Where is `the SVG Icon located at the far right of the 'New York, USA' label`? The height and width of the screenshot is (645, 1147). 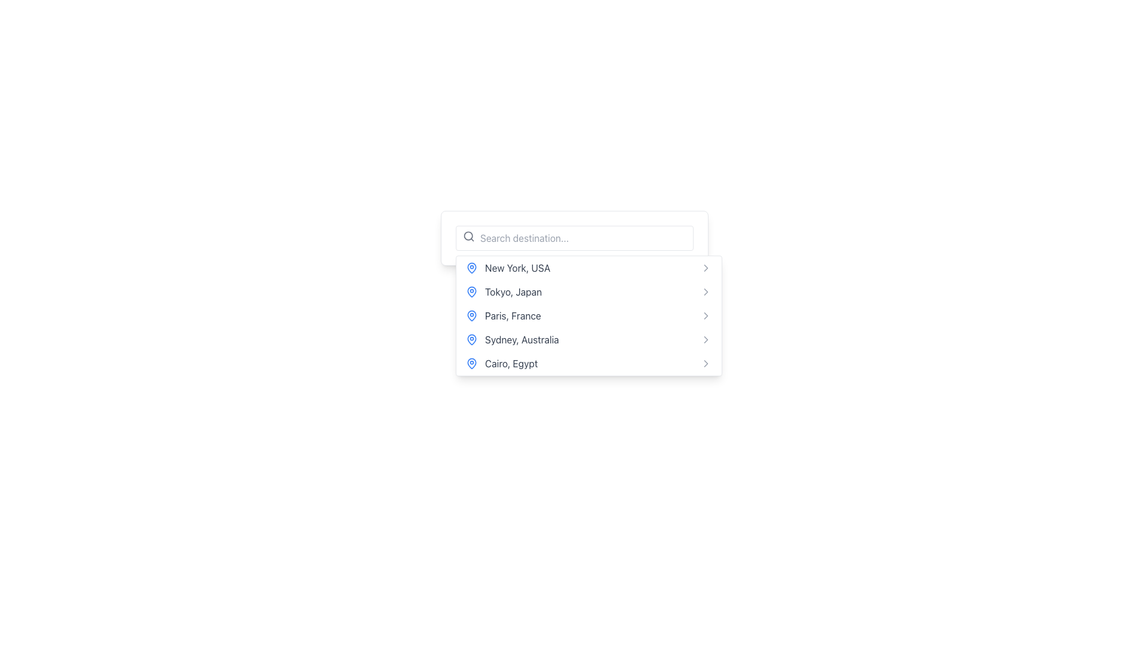
the SVG Icon located at the far right of the 'New York, USA' label is located at coordinates (706, 267).